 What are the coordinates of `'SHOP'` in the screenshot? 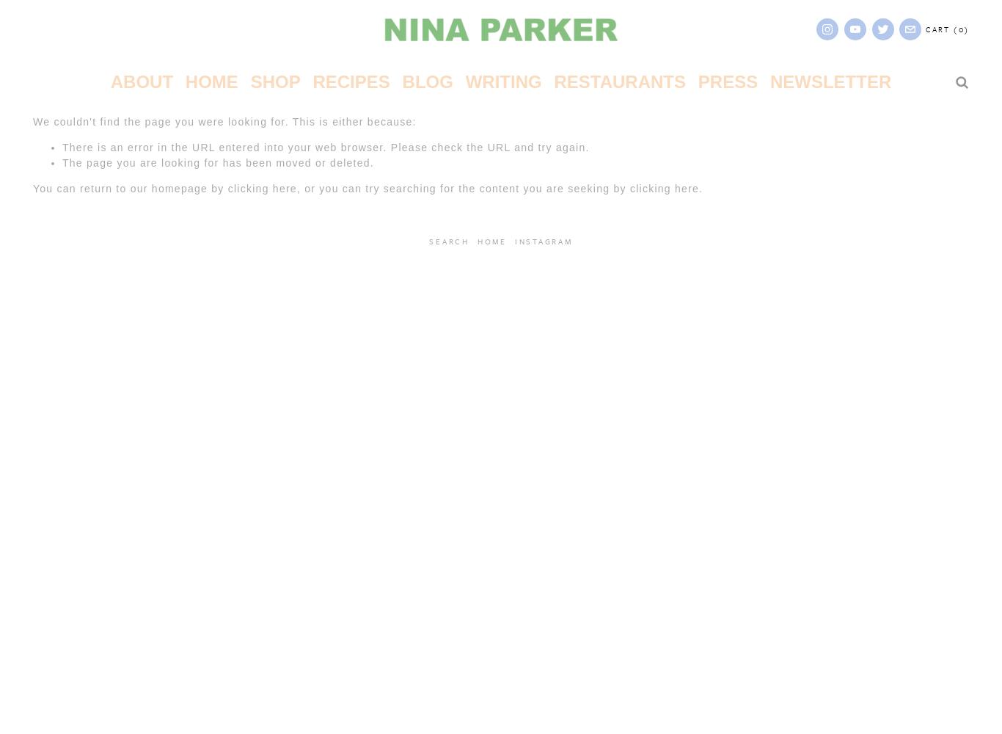 It's located at (274, 81).